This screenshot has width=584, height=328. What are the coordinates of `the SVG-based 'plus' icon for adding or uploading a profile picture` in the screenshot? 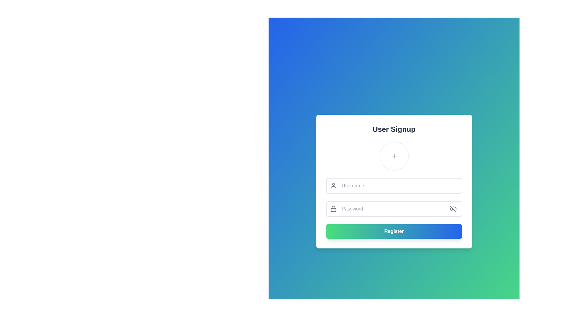 It's located at (394, 155).